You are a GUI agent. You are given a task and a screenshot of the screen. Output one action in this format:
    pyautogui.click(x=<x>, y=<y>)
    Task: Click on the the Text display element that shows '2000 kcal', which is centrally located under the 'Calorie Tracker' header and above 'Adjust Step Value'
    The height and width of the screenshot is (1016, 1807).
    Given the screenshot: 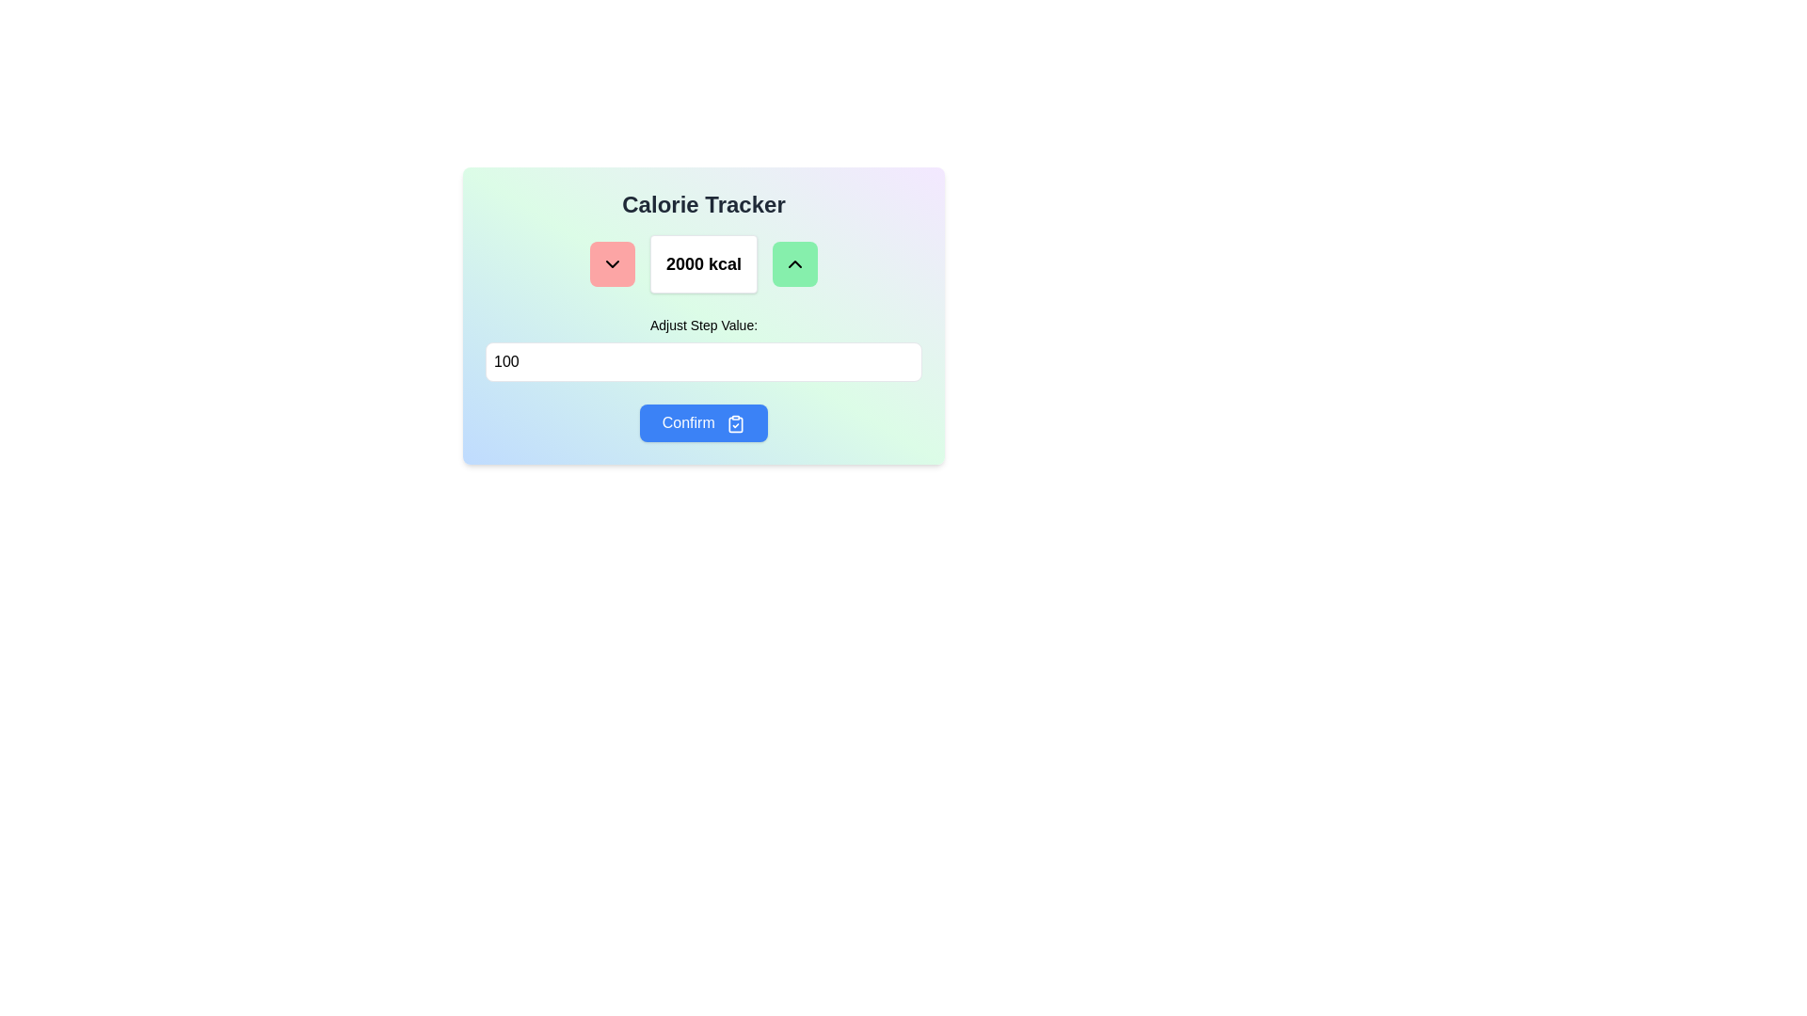 What is the action you would take?
    pyautogui.click(x=703, y=264)
    